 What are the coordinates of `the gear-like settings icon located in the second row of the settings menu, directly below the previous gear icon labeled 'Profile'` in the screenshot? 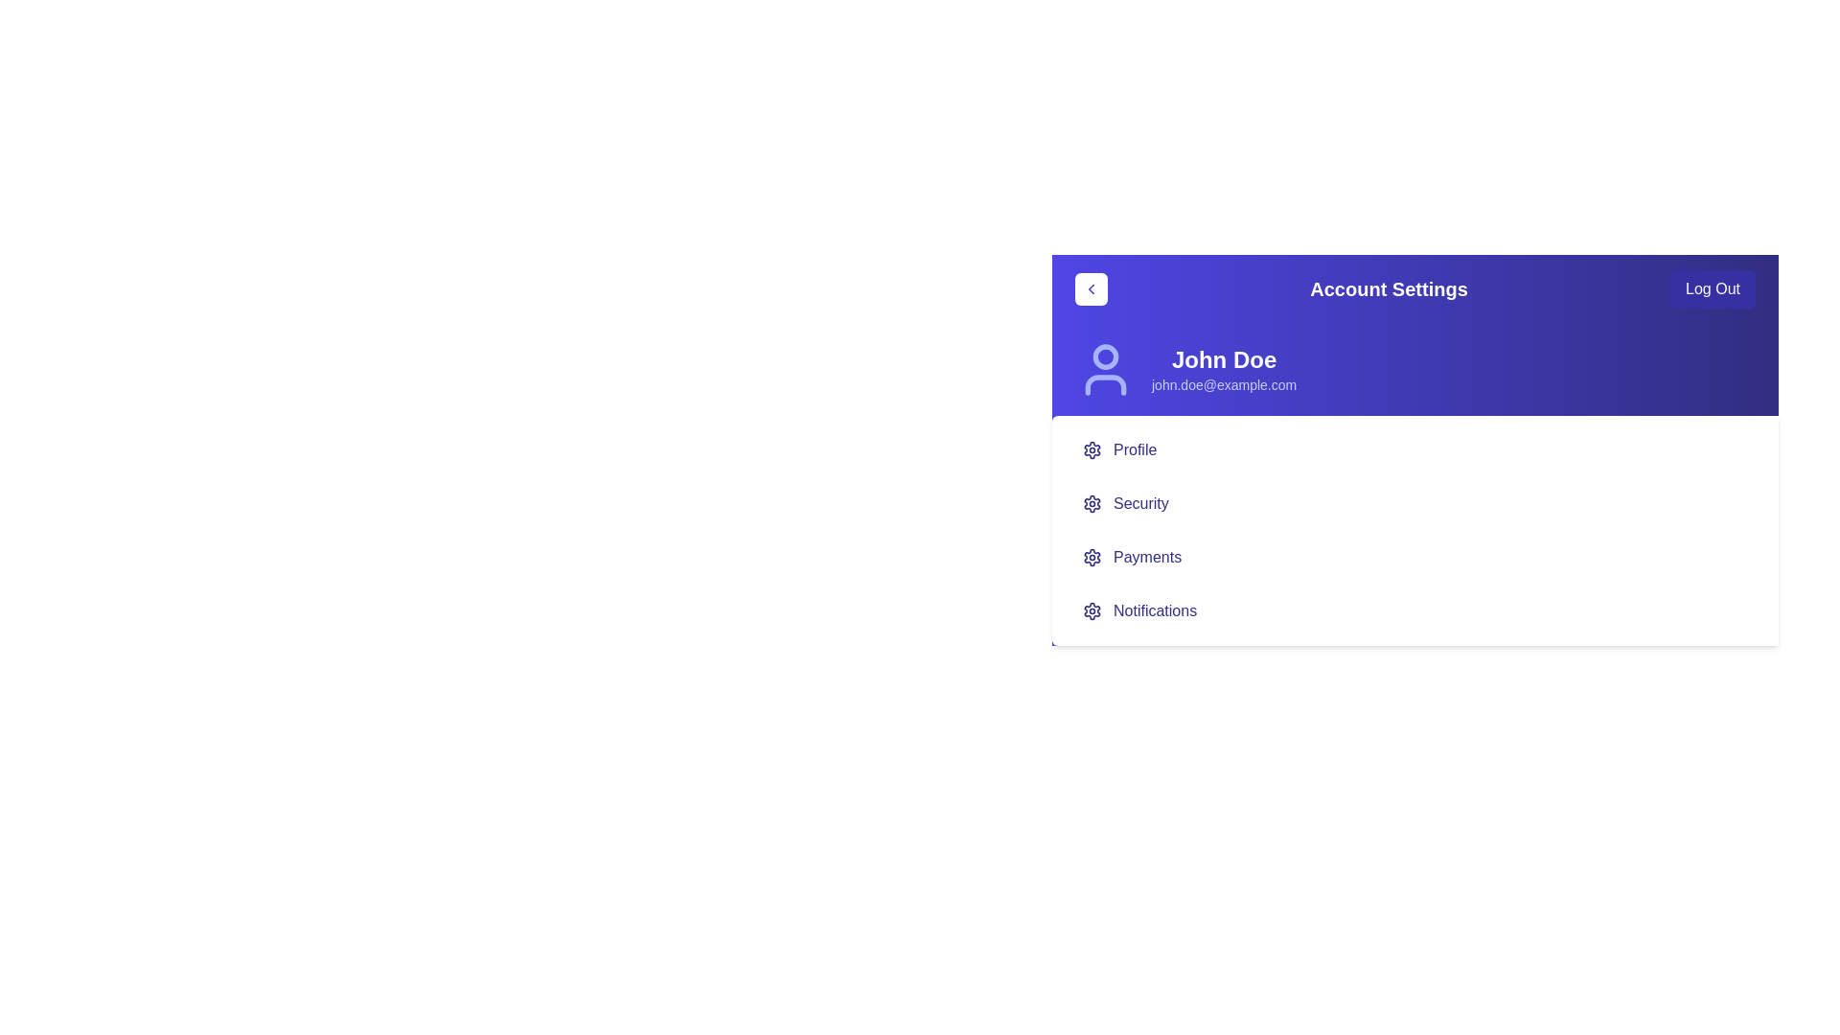 It's located at (1092, 610).